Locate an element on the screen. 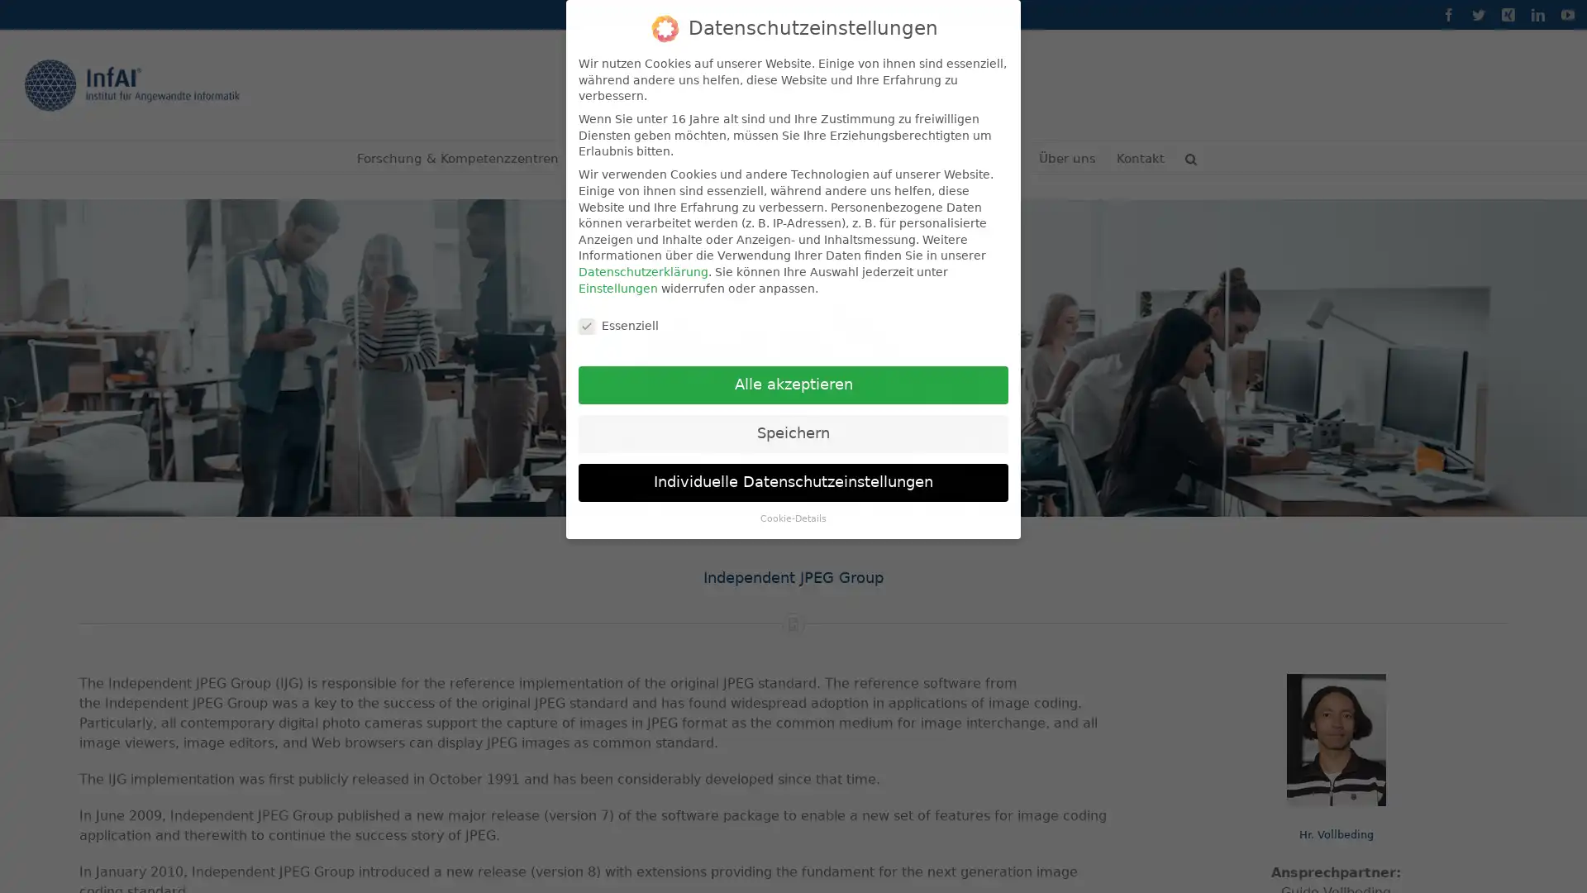  Zuruck is located at coordinates (991, 832).